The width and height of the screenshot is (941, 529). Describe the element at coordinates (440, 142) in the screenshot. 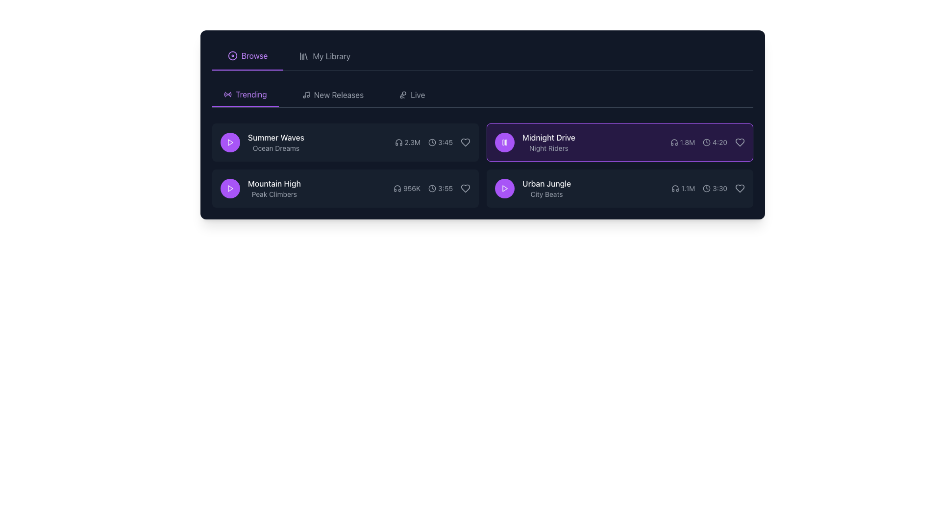

I see `the display component that shows the time '3:45' with a clock icon on the left, located in the 'Summer Waves' row` at that location.